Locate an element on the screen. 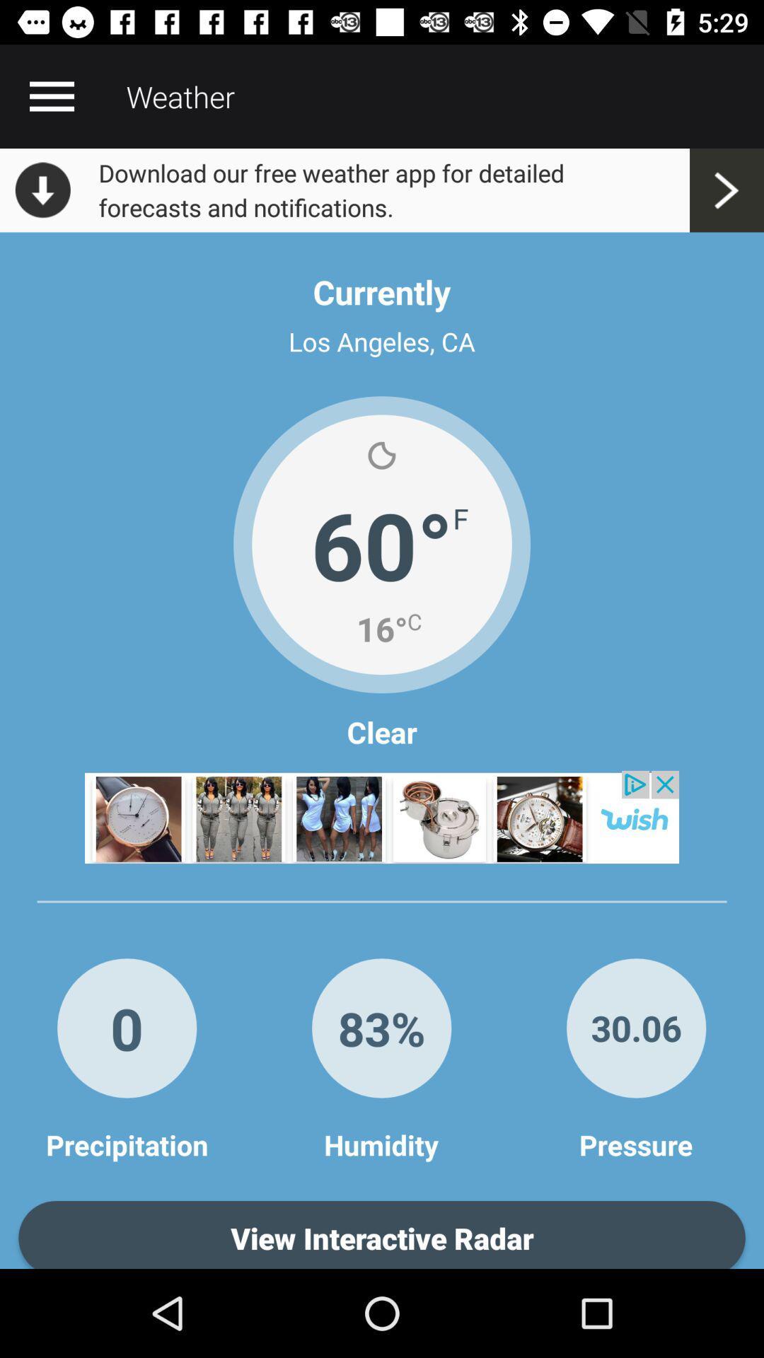  the menu icon is located at coordinates (51, 95).